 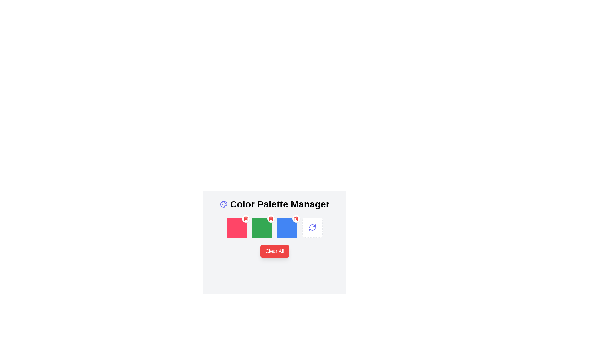 I want to click on the palette icon located to the immediate left of the 'Color Palette Manager' text, which visually resembles a painter's palette with blue color and paint spots, so click(x=224, y=204).